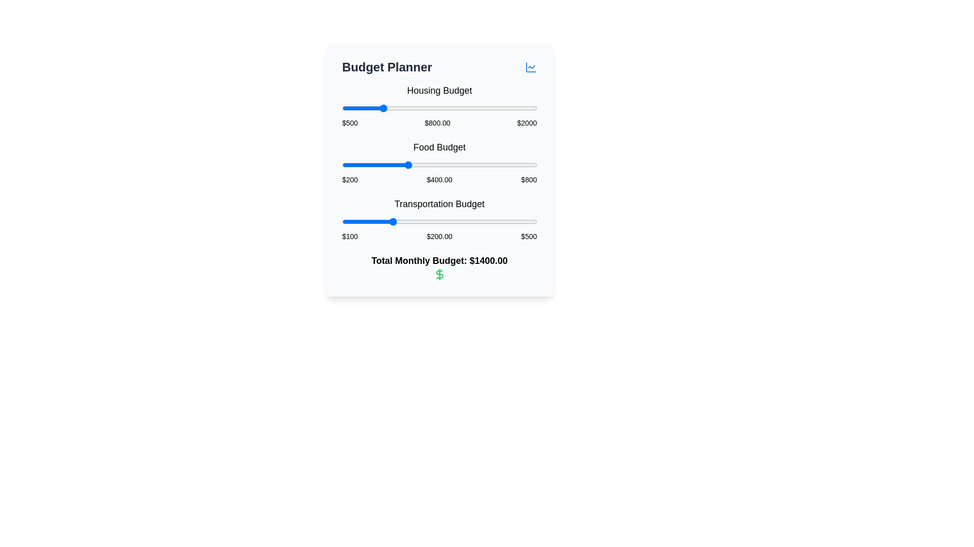 The height and width of the screenshot is (547, 974). I want to click on the text label displaying the monetary amount under the 'Food Budget' section, which is positioned leftmost among its siblings, so click(350, 179).